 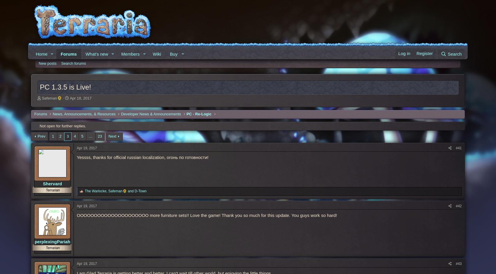 What do you see at coordinates (84, 191) in the screenshot?
I see `'The Warlocke'` at bounding box center [84, 191].